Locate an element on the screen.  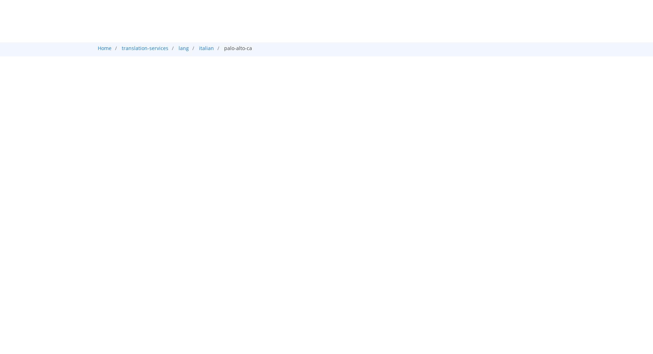
'File Formats For Translation' is located at coordinates (165, 321).